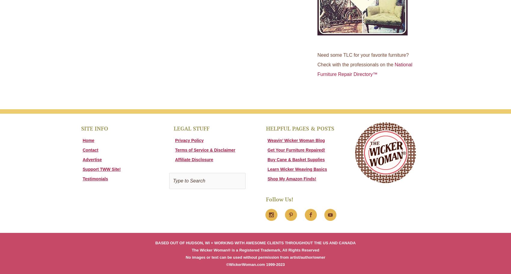  Describe the element at coordinates (88, 140) in the screenshot. I see `'Home'` at that location.